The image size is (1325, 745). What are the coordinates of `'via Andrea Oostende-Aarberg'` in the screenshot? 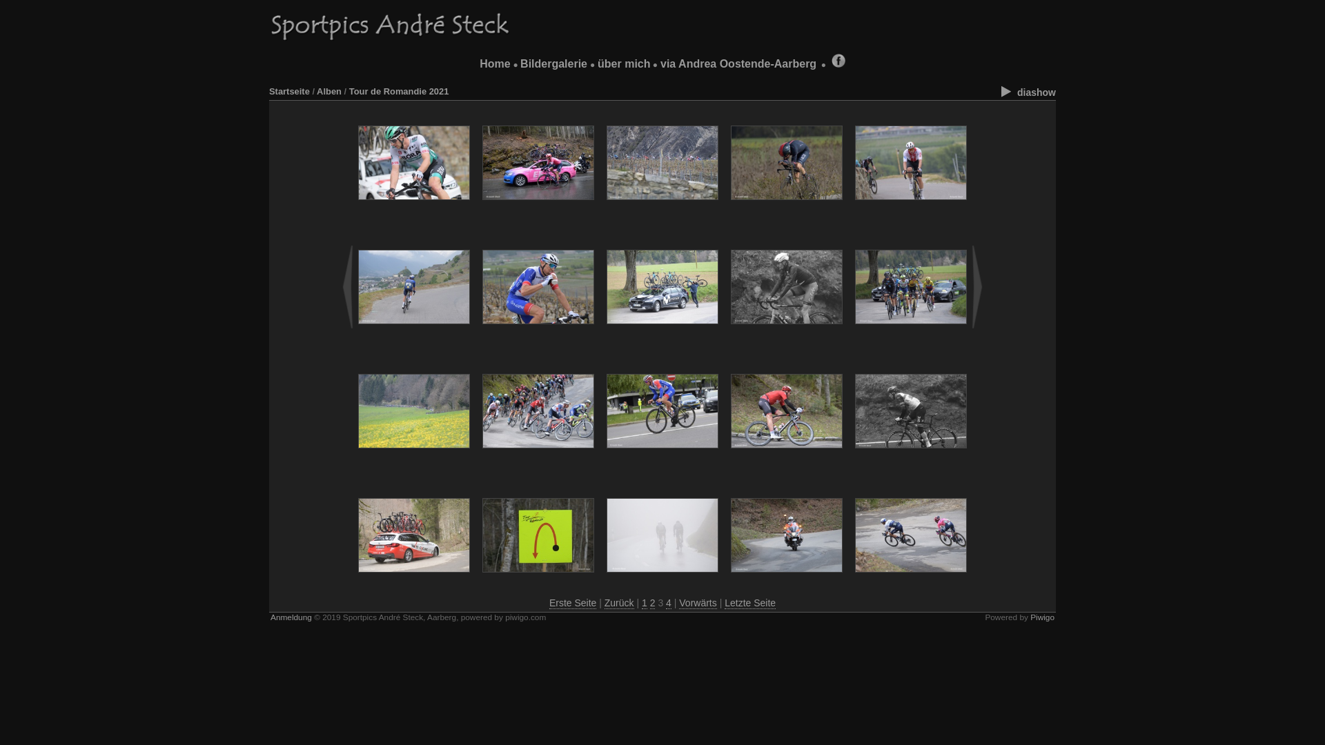 It's located at (738, 63).